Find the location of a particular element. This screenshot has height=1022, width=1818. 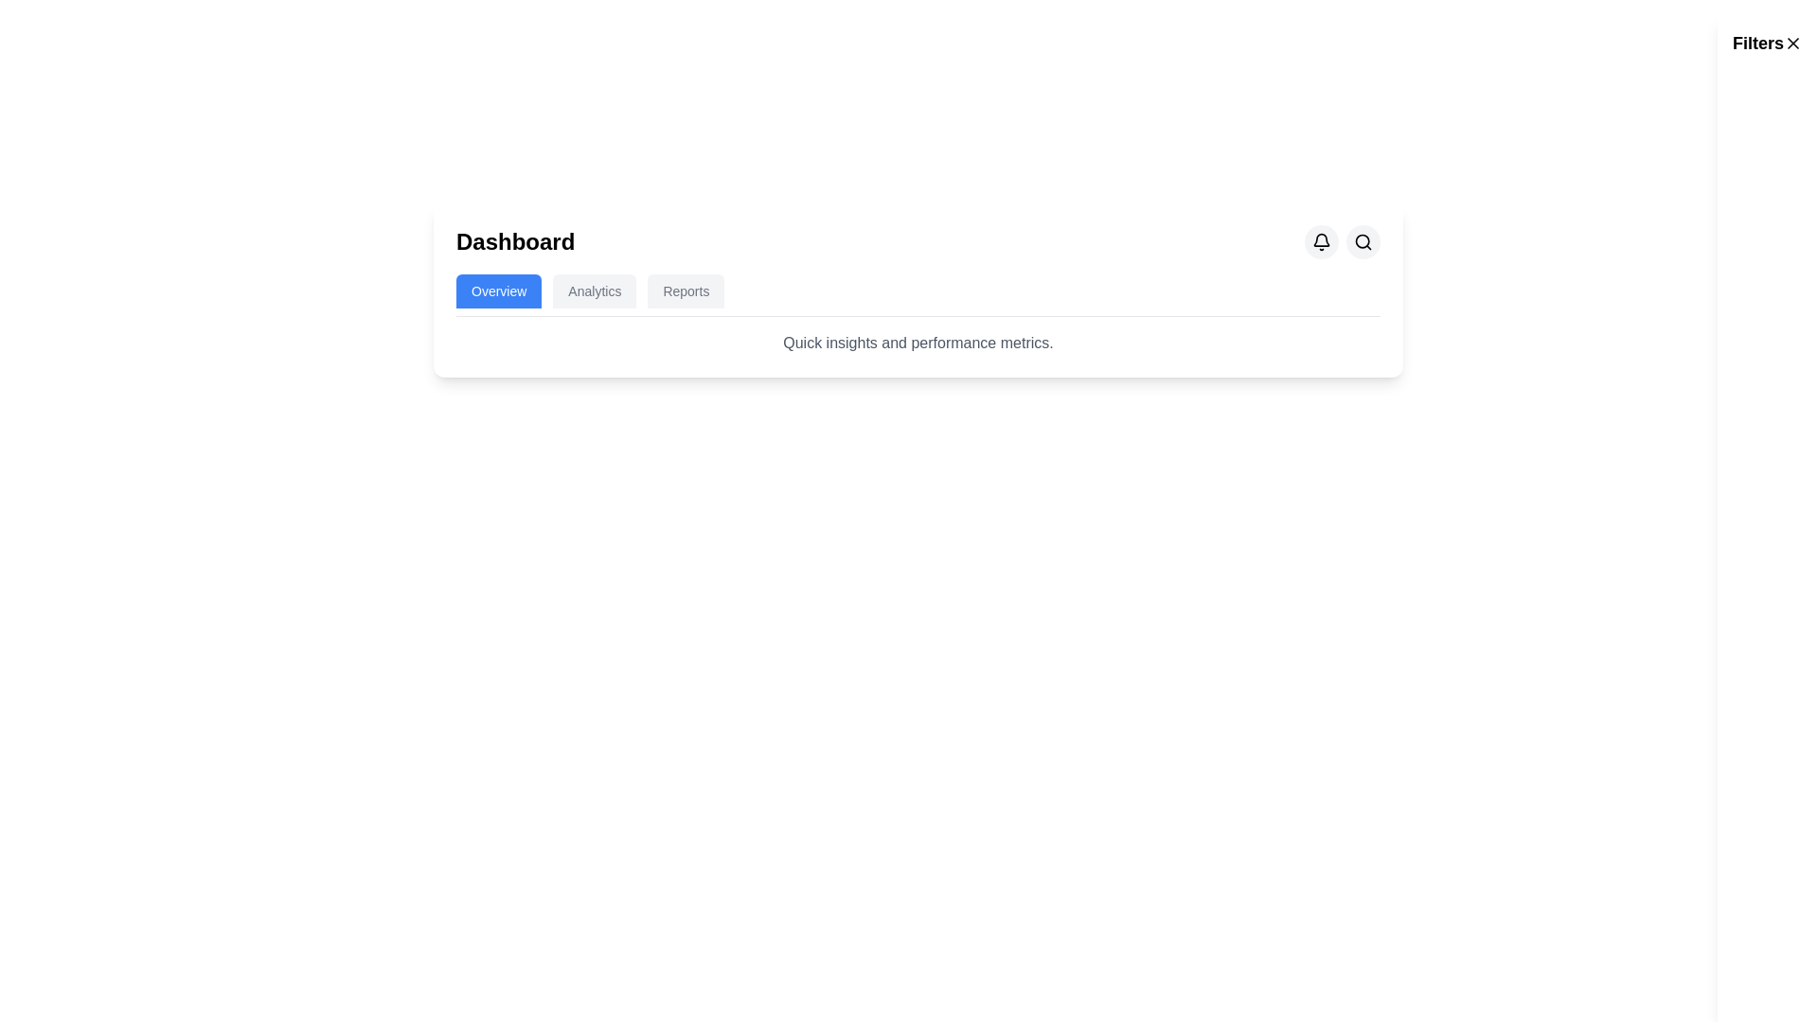

the Static Text element displaying 'Quick insights and performance metrics.' located at the bottom right of the main content area is located at coordinates (918, 343).